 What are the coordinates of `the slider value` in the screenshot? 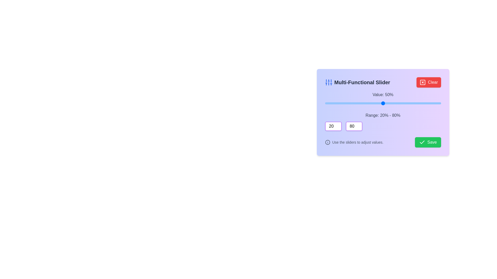 It's located at (344, 103).